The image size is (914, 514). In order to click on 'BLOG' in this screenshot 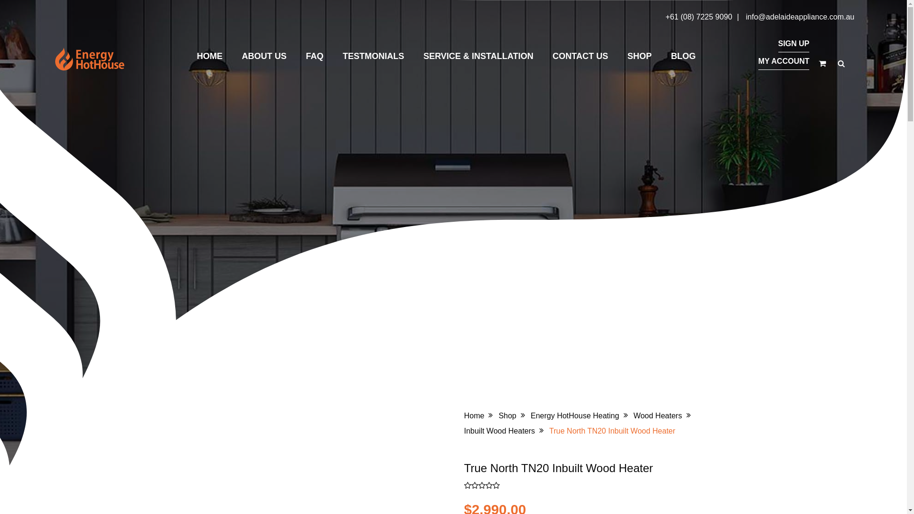, I will do `click(683, 56)`.